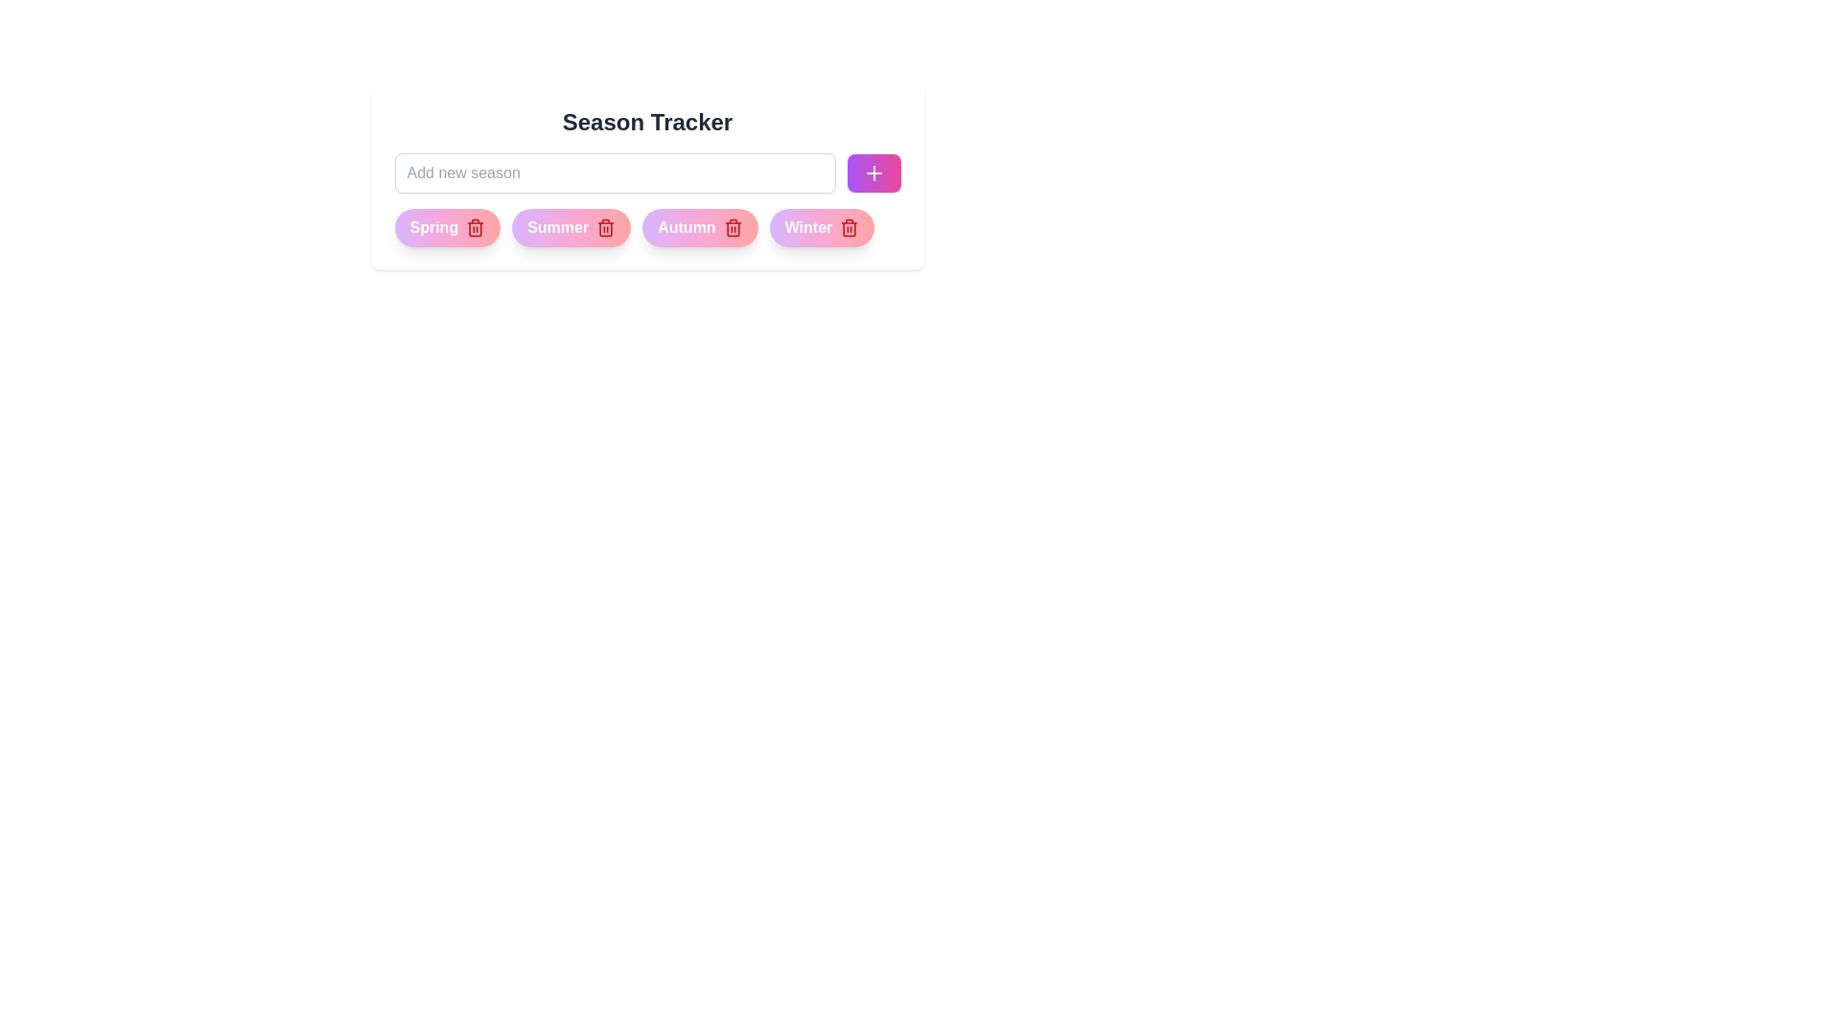  Describe the element at coordinates (615, 173) in the screenshot. I see `the text in the input field to 22` at that location.